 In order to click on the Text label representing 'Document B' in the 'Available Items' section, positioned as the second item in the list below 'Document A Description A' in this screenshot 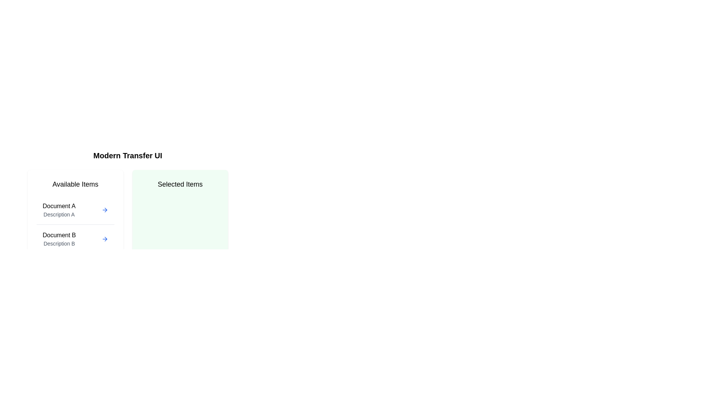, I will do `click(59, 239)`.